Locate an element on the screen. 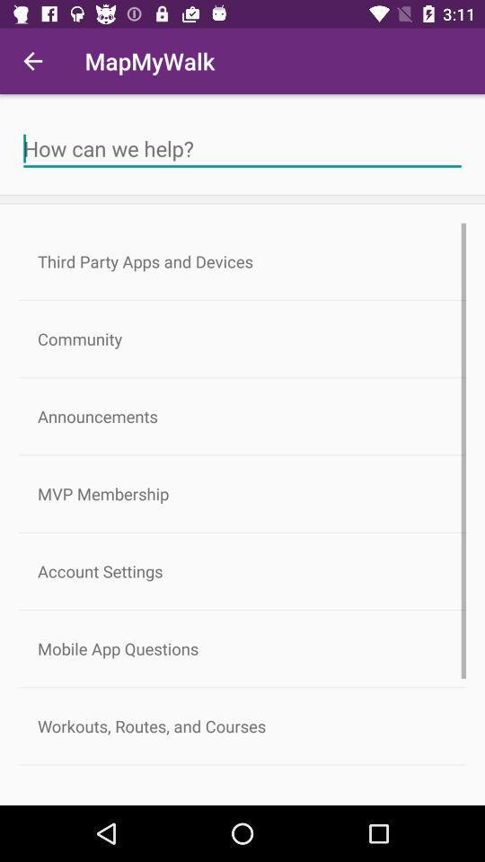 This screenshot has width=485, height=862. the icon above the announcements item is located at coordinates (242, 338).